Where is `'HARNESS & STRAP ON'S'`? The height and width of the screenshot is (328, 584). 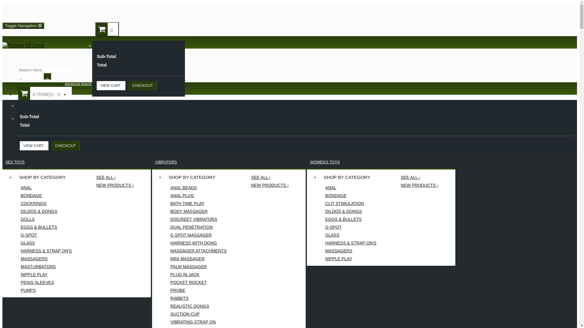
'HARNESS & STRAP ON'S' is located at coordinates (350, 242).